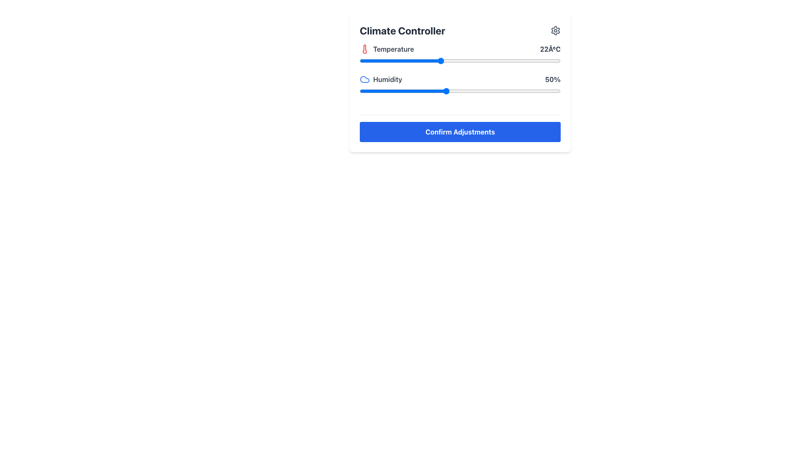 The height and width of the screenshot is (454, 807). What do you see at coordinates (459, 49) in the screenshot?
I see `the horizontal bar displaying temperature information, which includes a red thermometer icon on the left and the temperature value '22°C' on the right, located within the 'Climate Controller' card` at bounding box center [459, 49].